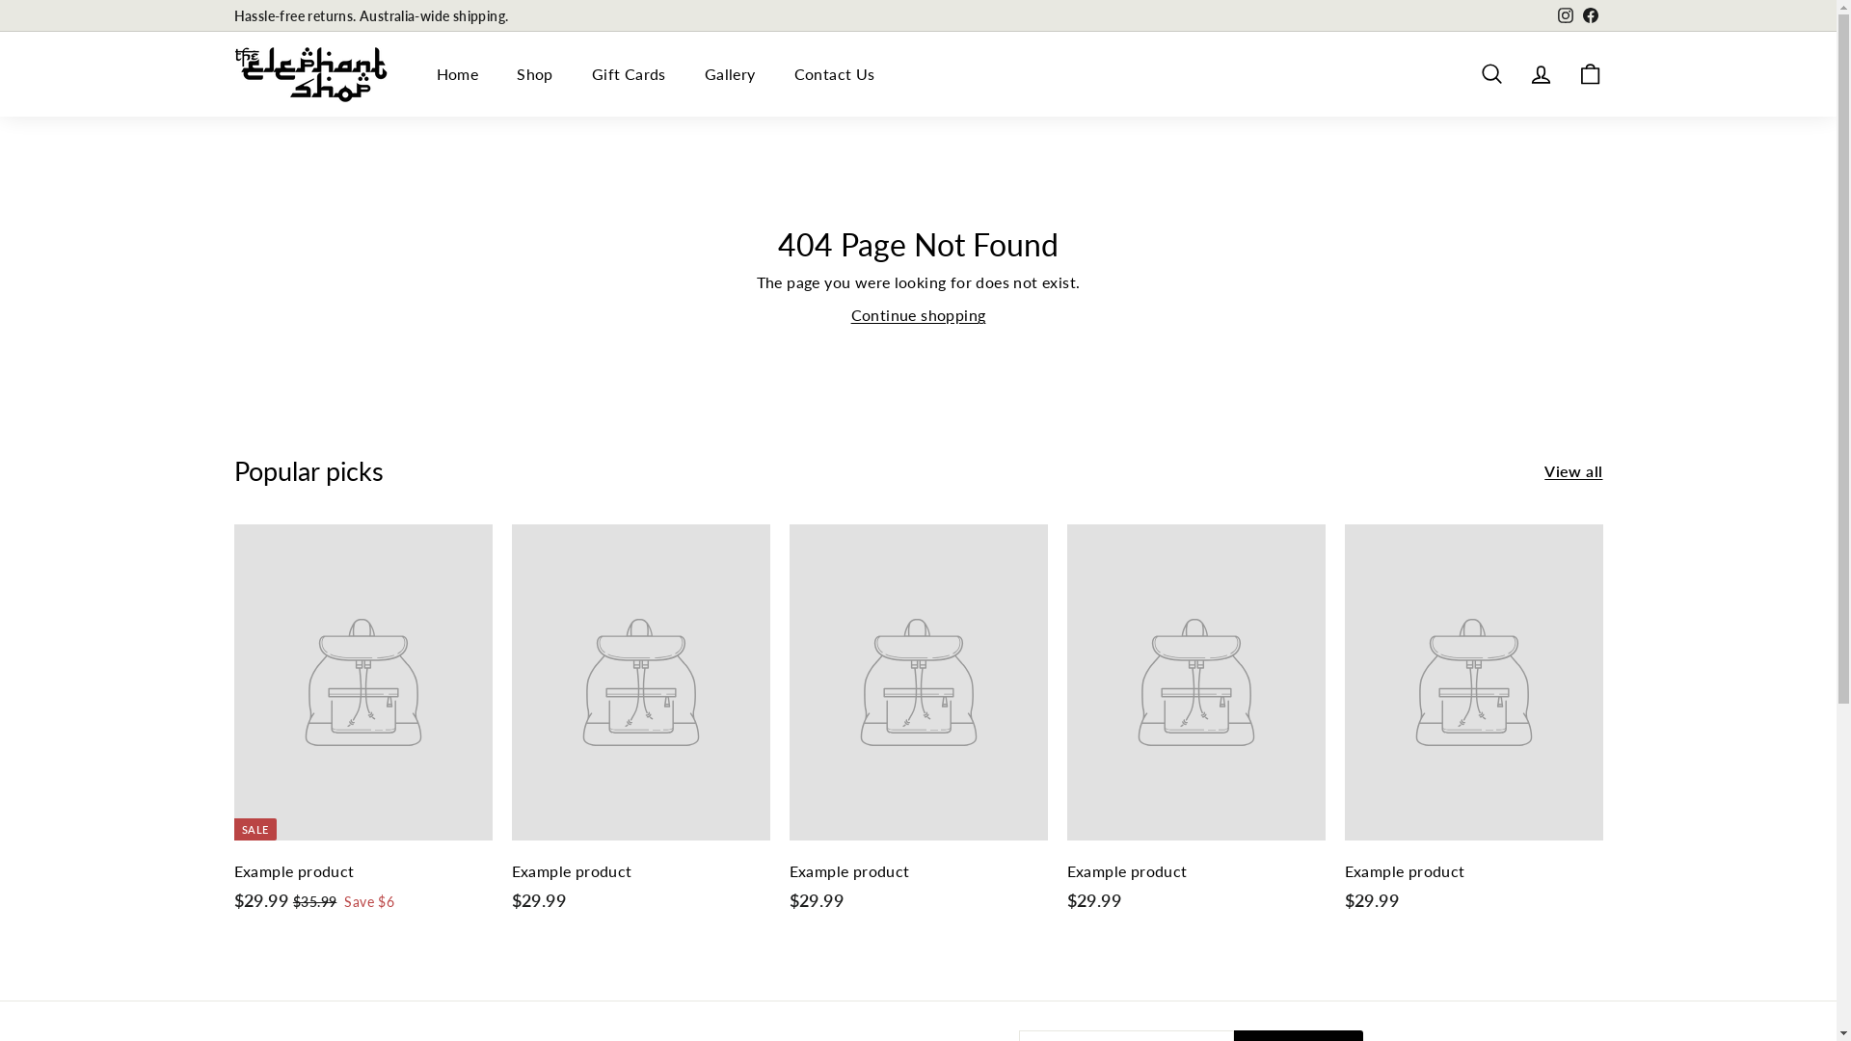 The image size is (1851, 1041). Describe the element at coordinates (1539, 72) in the screenshot. I see `'Account'` at that location.